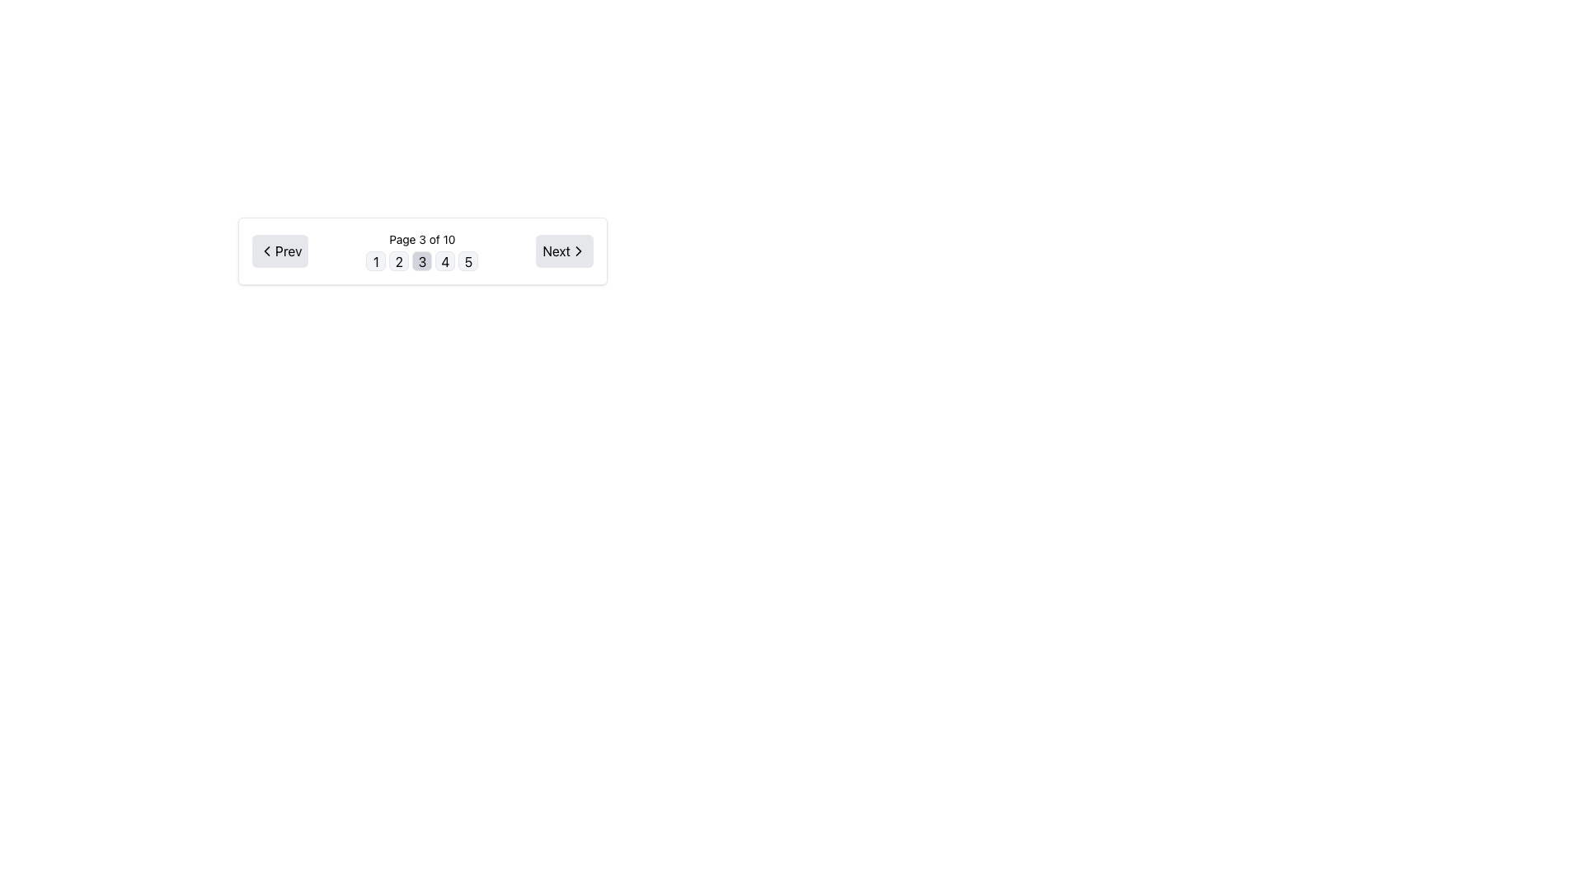 This screenshot has height=890, width=1583. I want to click on the leftmost button in the navigation control bar to move to the previous page, so click(280, 251).